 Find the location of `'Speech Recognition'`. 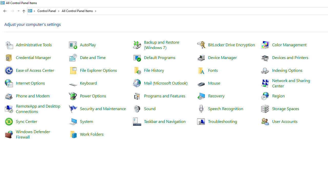

'Speech Recognition' is located at coordinates (225, 108).